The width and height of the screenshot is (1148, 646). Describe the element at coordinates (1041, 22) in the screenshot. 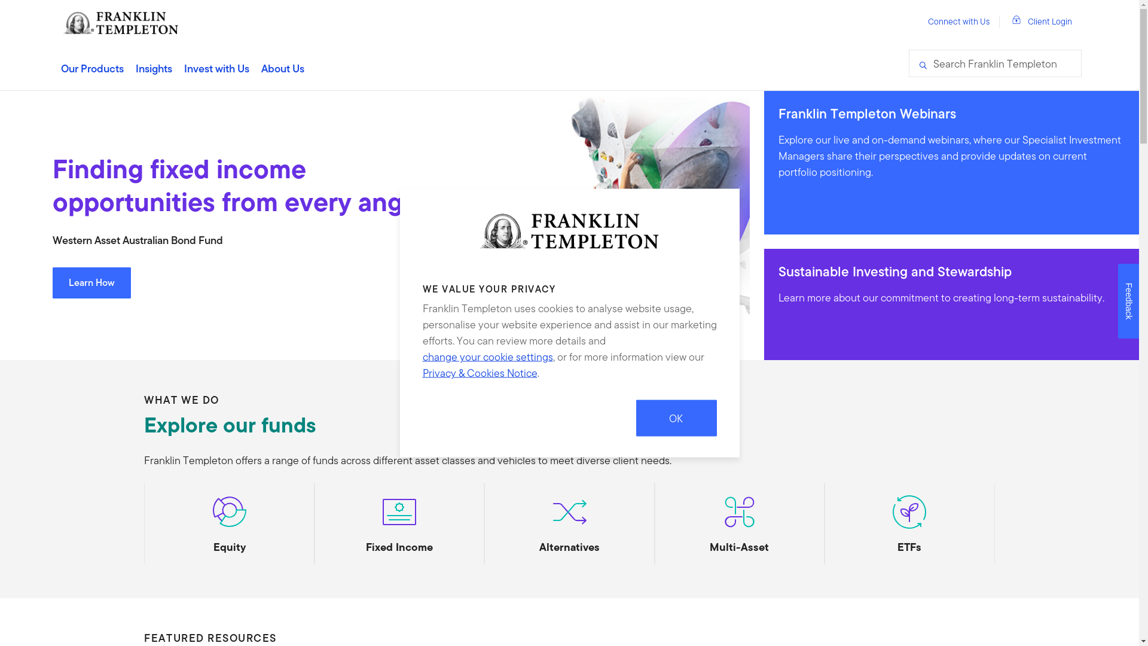

I see `'Client Login'` at that location.